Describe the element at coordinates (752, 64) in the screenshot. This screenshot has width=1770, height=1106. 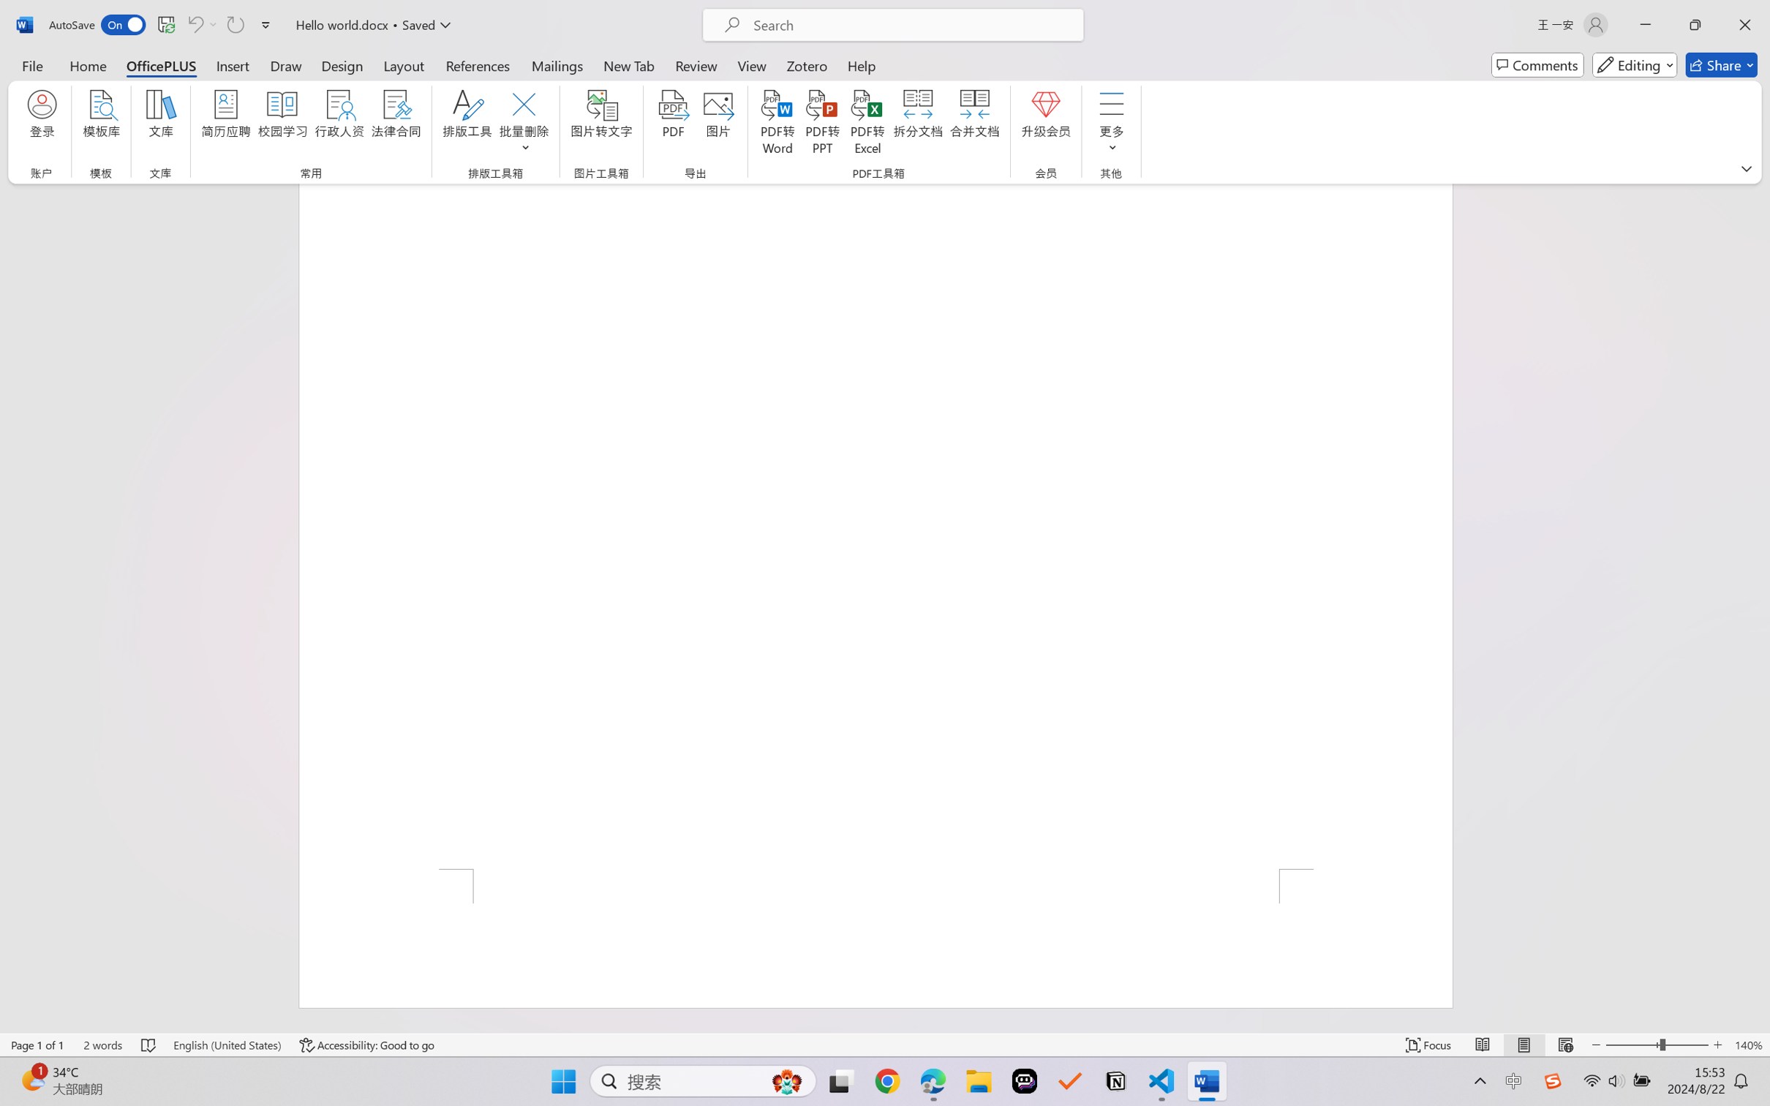
I see `'View'` at that location.